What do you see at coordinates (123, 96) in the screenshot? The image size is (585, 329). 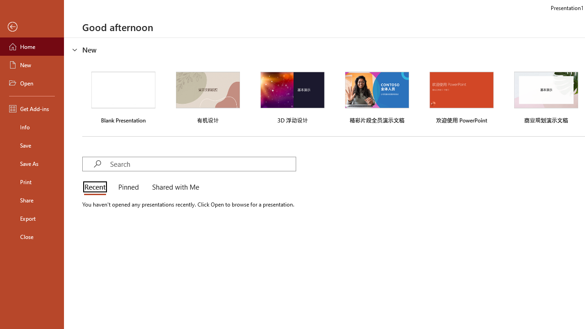 I see `'Blank Presentation'` at bounding box center [123, 96].